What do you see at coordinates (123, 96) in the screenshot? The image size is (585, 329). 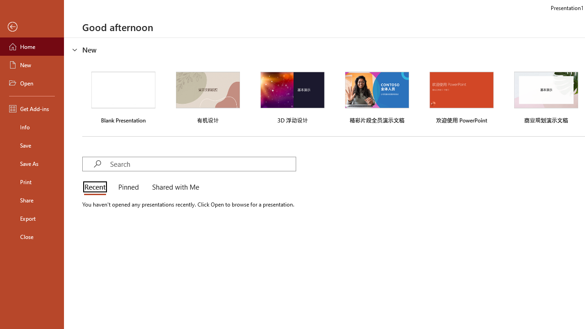 I see `'Blank Presentation'` at bounding box center [123, 96].